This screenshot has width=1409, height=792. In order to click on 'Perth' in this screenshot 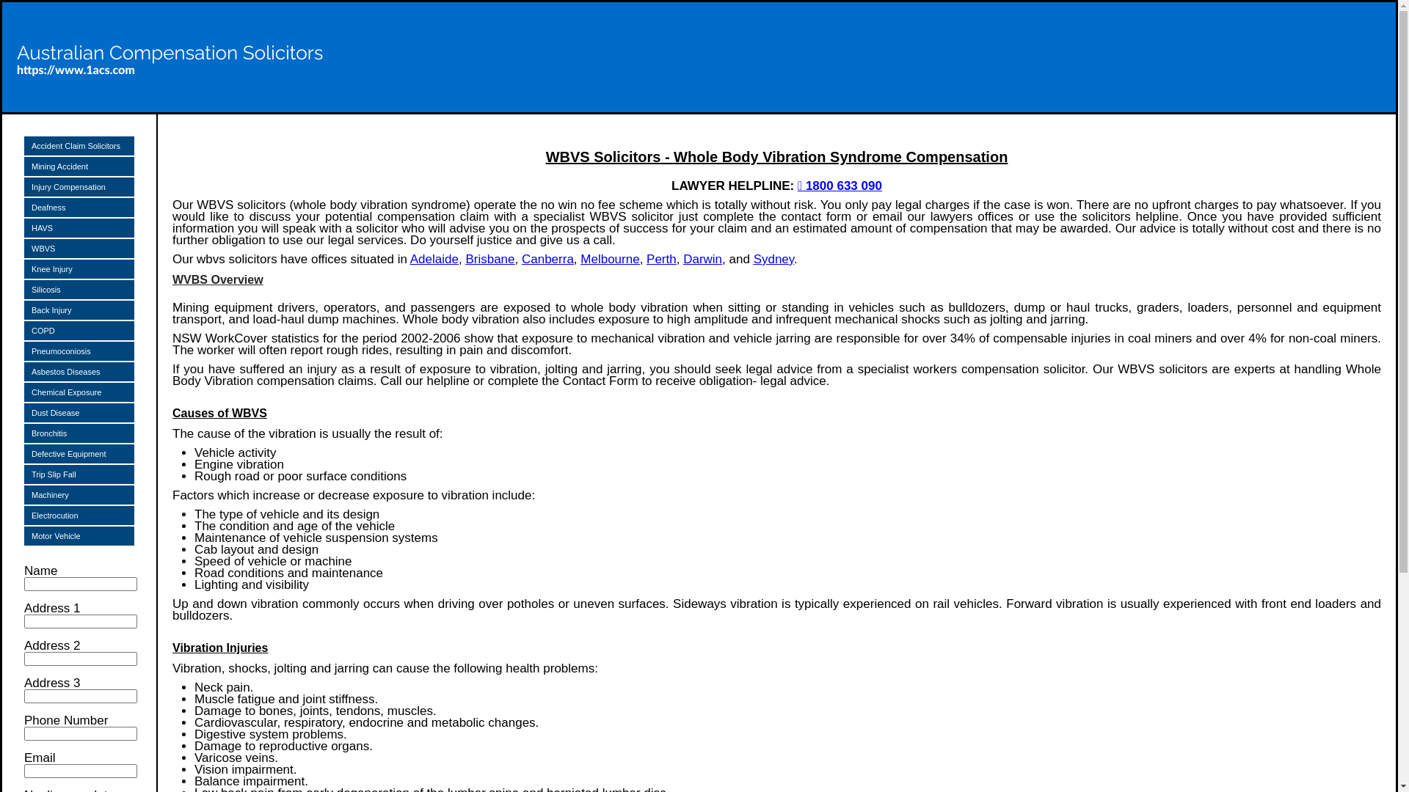, I will do `click(660, 258)`.